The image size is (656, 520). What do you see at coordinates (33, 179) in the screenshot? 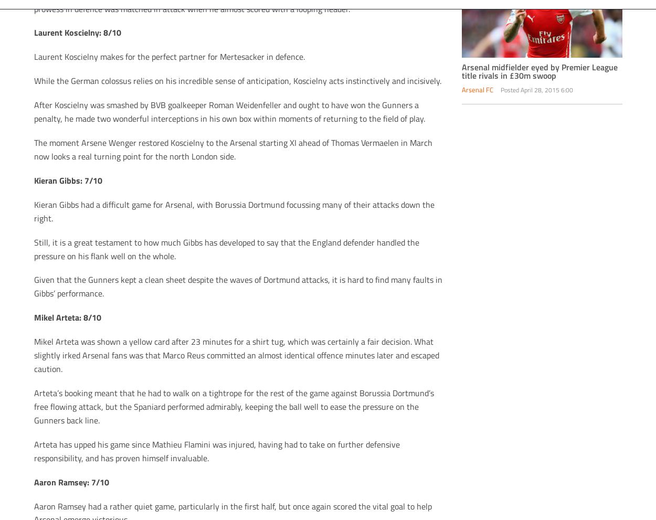
I see `'Kieran Gibbs: 7/10'` at bounding box center [33, 179].